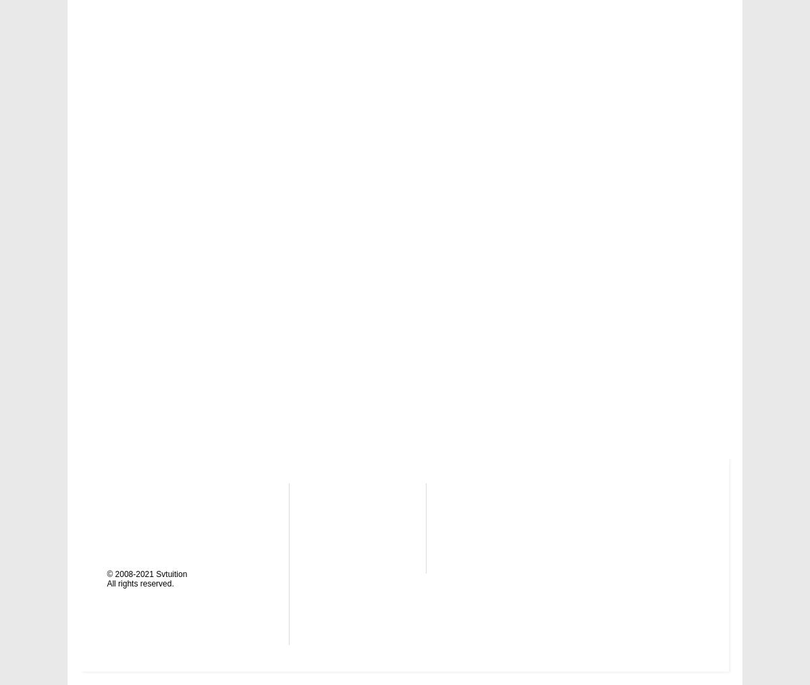 The image size is (810, 685). What do you see at coordinates (605, 551) in the screenshot?
I see `'Pinterest'` at bounding box center [605, 551].